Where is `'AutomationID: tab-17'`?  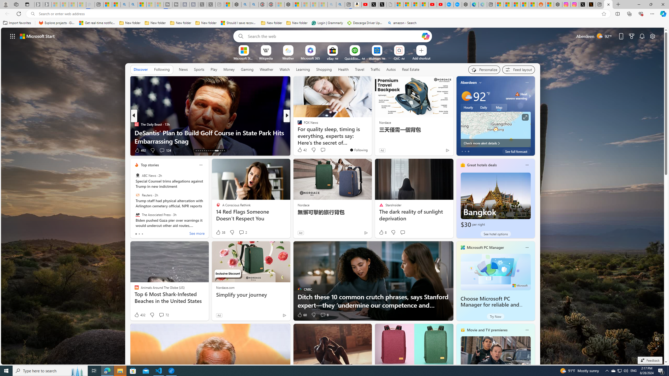 'AutomationID: tab-17' is located at coordinates (204, 151).